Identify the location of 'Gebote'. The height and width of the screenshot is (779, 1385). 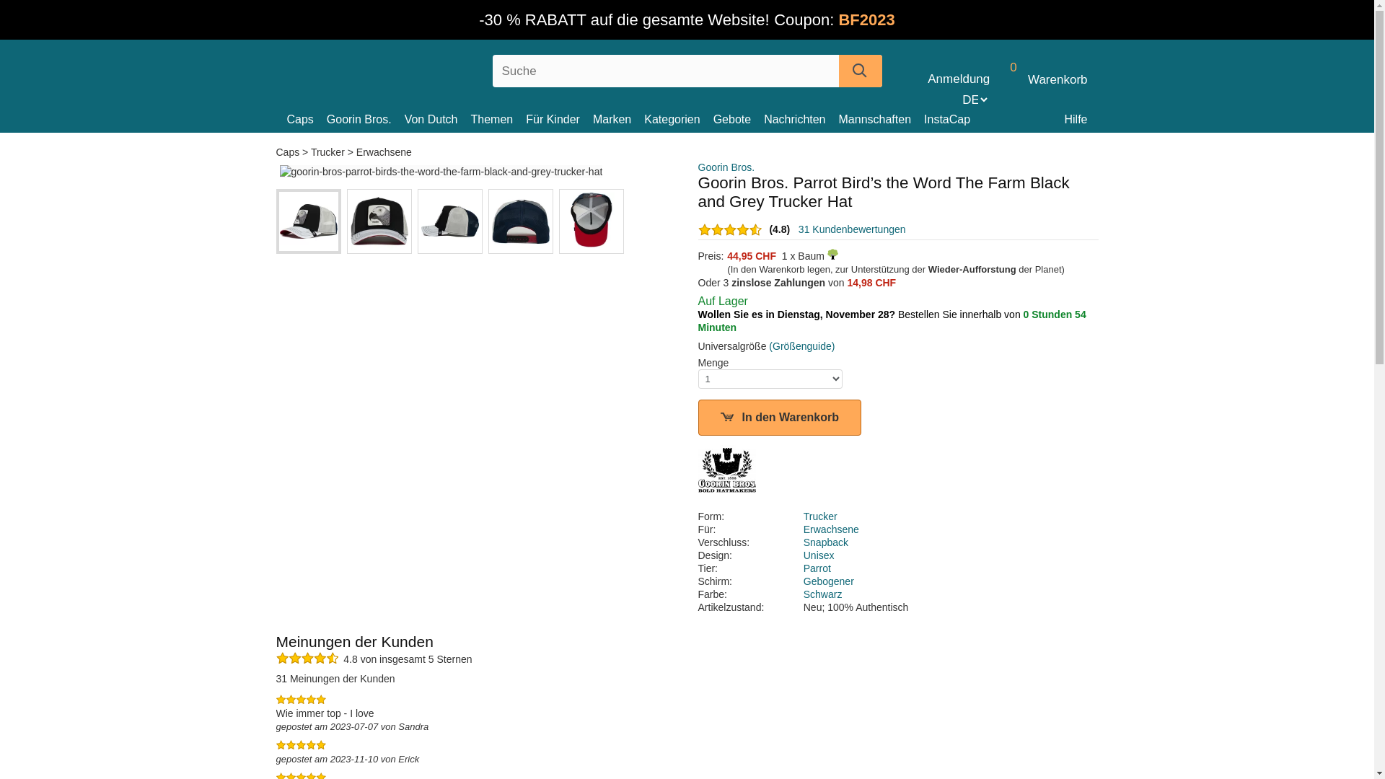
(738, 118).